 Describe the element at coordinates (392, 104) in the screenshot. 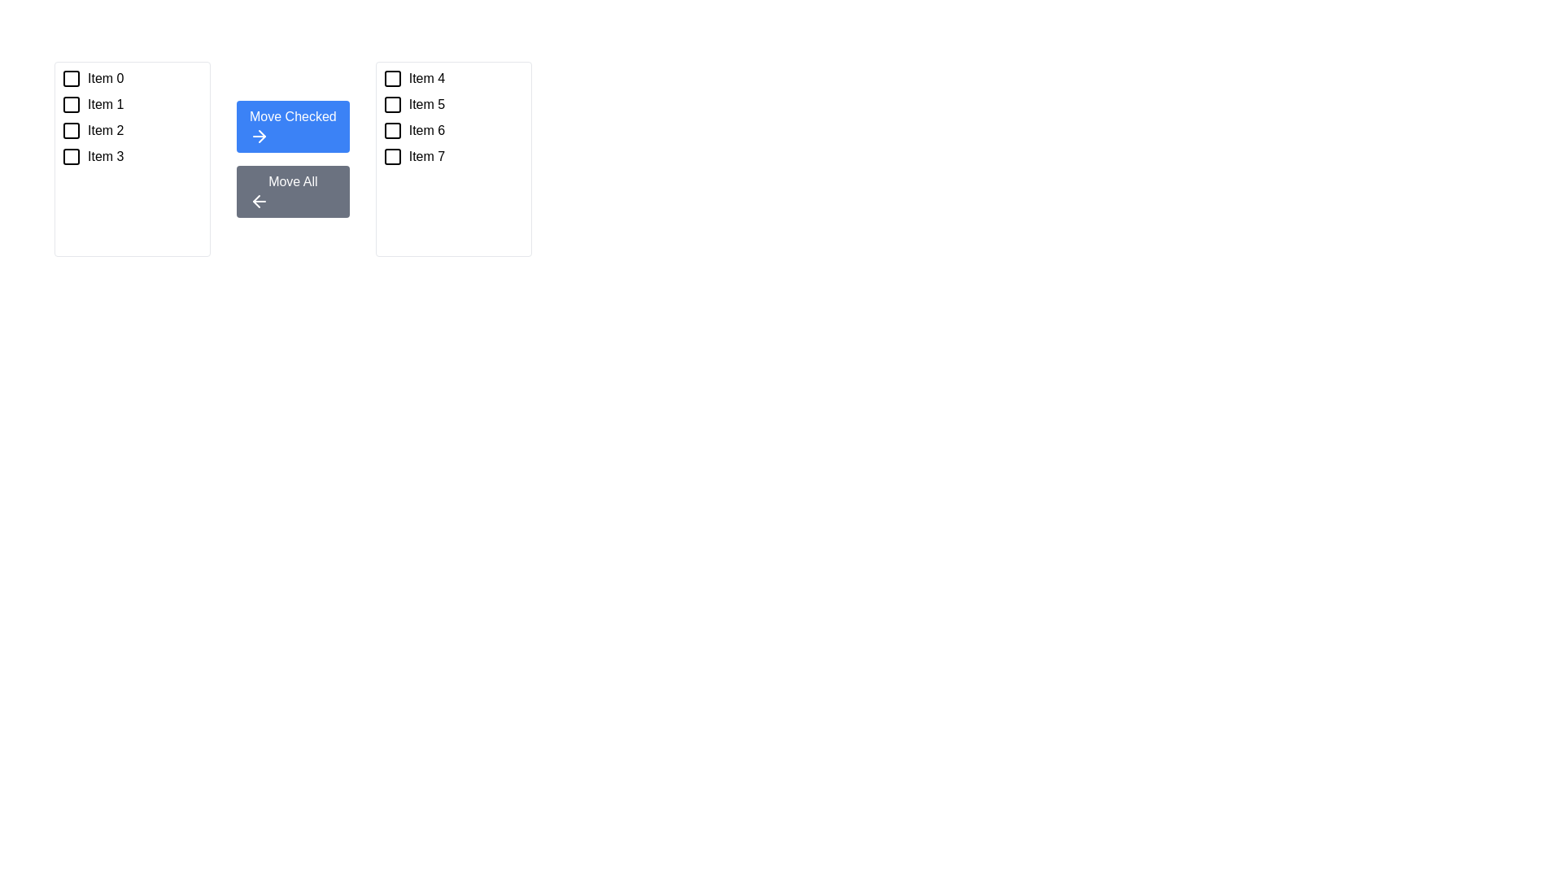

I see `the Checkbox element associated with 'Item 5'` at that location.